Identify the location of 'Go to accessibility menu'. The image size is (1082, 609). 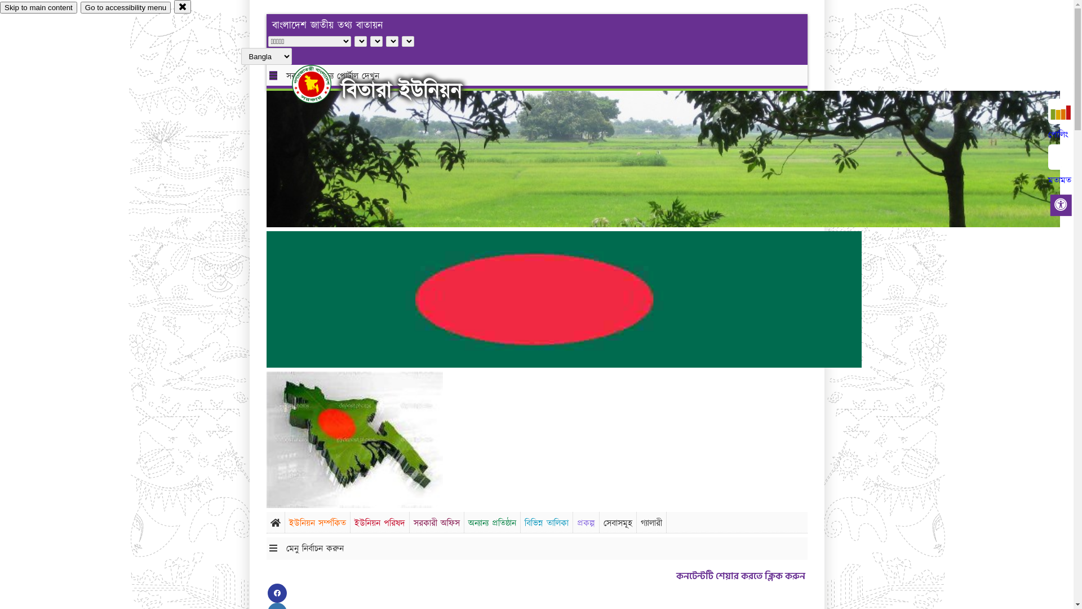
(80, 7).